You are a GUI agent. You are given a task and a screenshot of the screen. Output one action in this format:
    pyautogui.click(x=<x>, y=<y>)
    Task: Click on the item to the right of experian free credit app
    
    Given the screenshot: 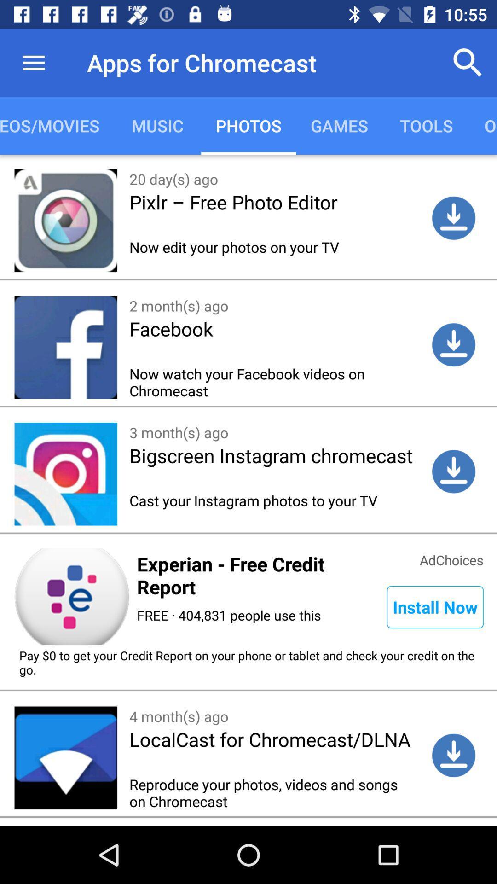 What is the action you would take?
    pyautogui.click(x=451, y=558)
    